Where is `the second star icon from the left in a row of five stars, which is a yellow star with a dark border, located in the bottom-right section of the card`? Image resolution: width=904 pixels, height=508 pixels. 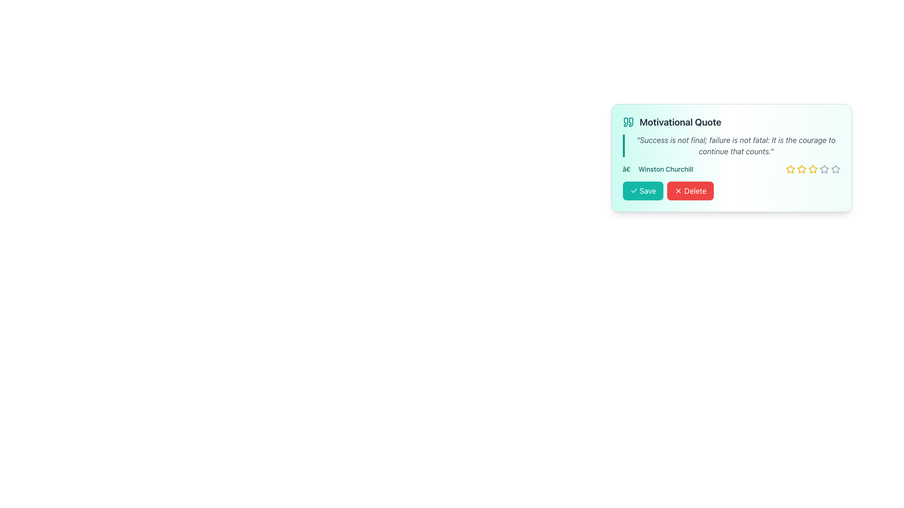
the second star icon from the left in a row of five stars, which is a yellow star with a dark border, located in the bottom-right section of the card is located at coordinates (801, 168).